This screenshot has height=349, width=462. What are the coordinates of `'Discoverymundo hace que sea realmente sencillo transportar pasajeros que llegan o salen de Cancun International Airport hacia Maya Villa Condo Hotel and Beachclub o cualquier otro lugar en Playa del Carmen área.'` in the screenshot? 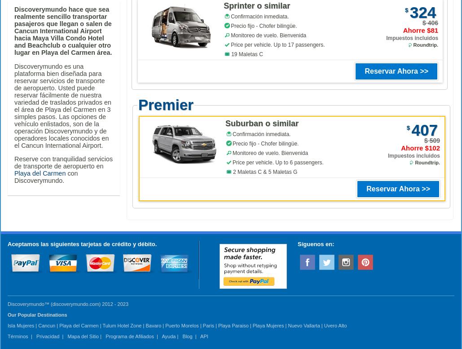 It's located at (14, 30).